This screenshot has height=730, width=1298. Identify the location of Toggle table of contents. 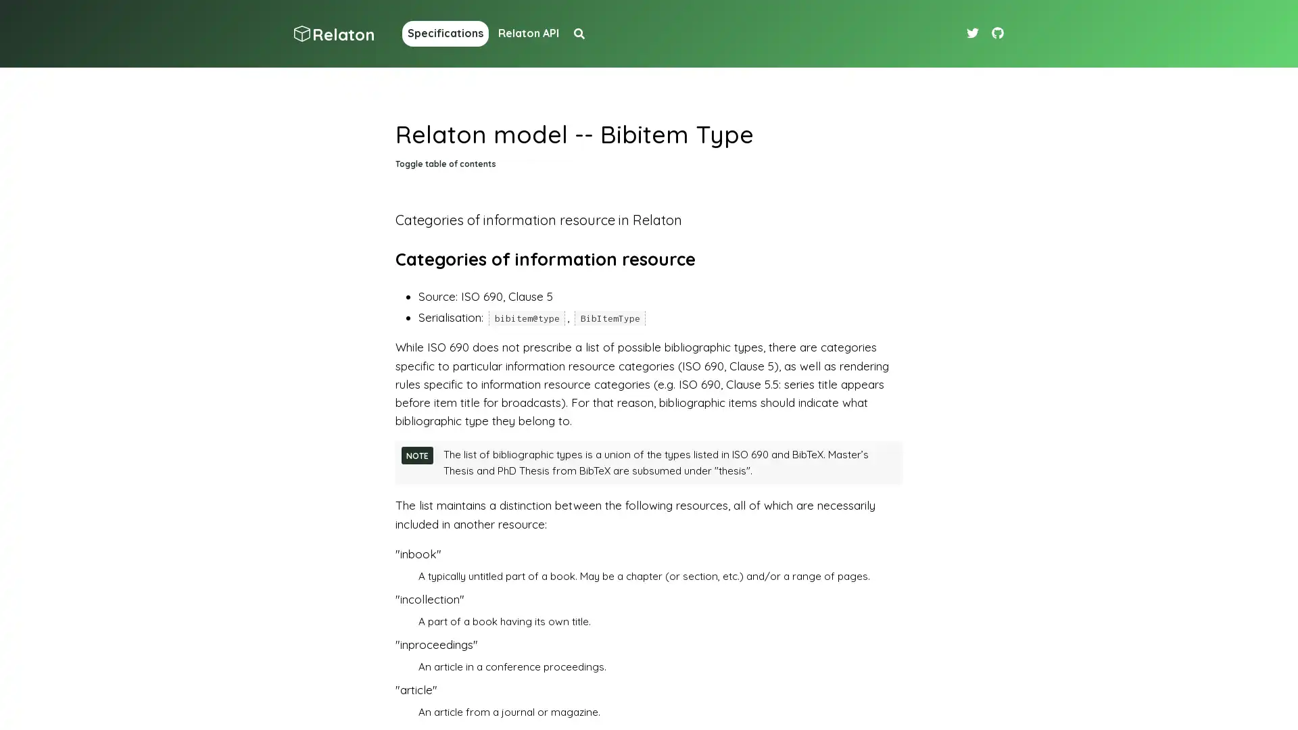
(446, 162).